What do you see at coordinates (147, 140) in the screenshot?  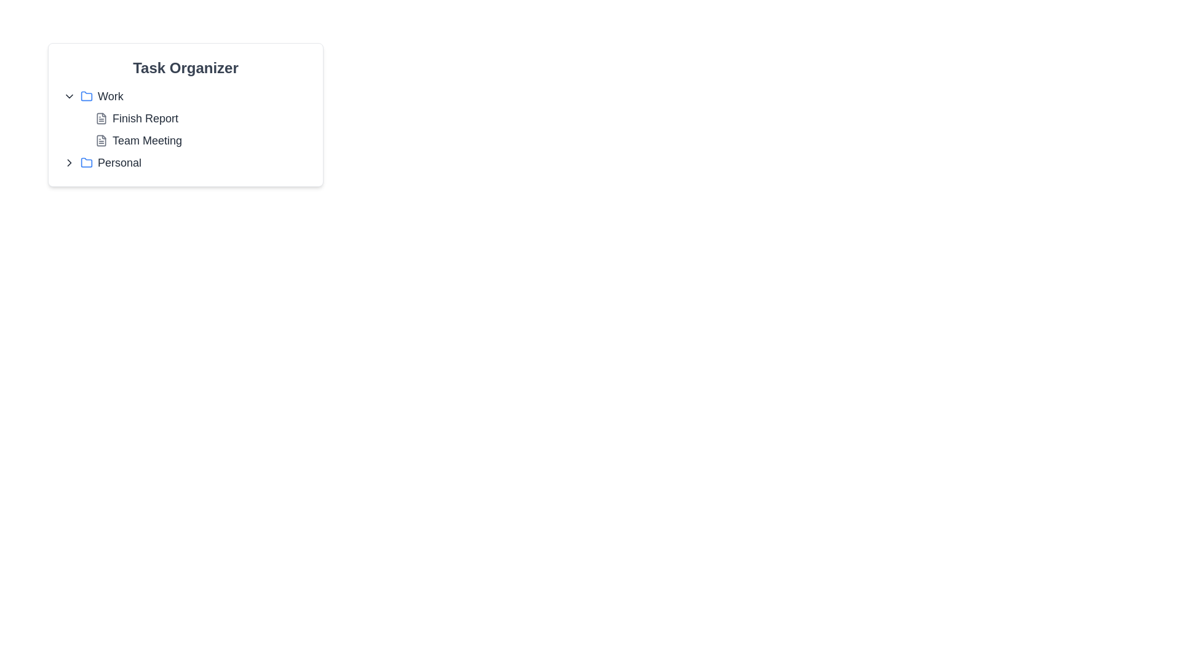 I see `the text label element reading 'Team Meeting', which is styled with a bold font and is indented under the 'Work' heading in the 'Task Organizer' UI` at bounding box center [147, 140].